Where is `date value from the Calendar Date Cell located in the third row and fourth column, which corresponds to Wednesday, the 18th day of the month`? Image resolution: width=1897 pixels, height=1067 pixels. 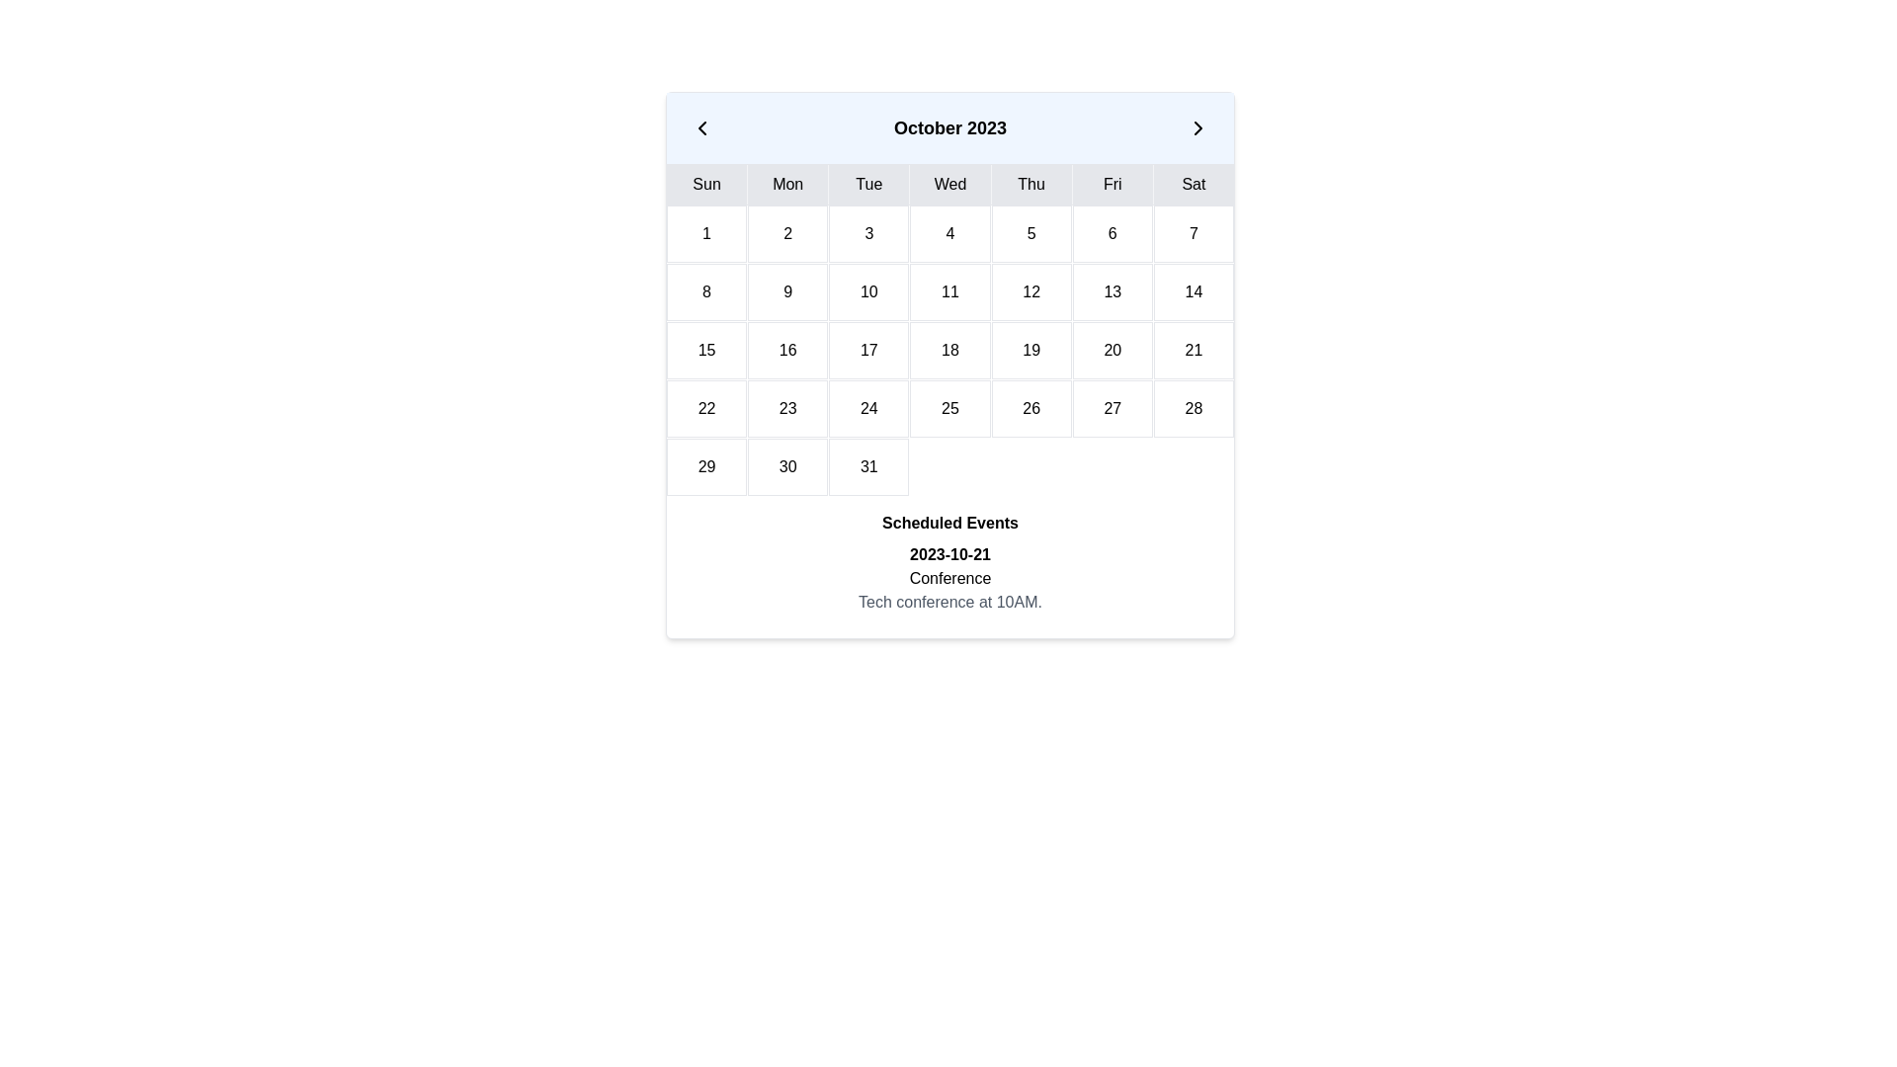
date value from the Calendar Date Cell located in the third row and fourth column, which corresponds to Wednesday, the 18th day of the month is located at coordinates (949, 349).